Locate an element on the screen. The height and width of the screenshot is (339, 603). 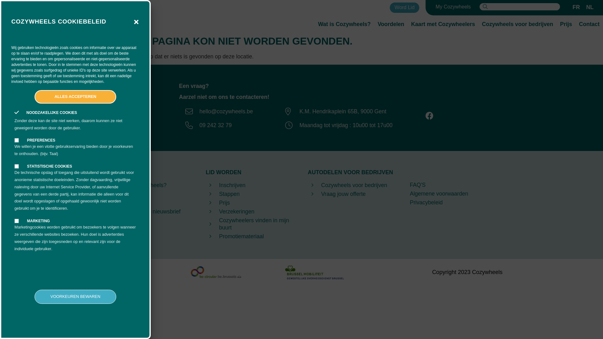
'ALLES ACCEPTEREN' is located at coordinates (75, 97).